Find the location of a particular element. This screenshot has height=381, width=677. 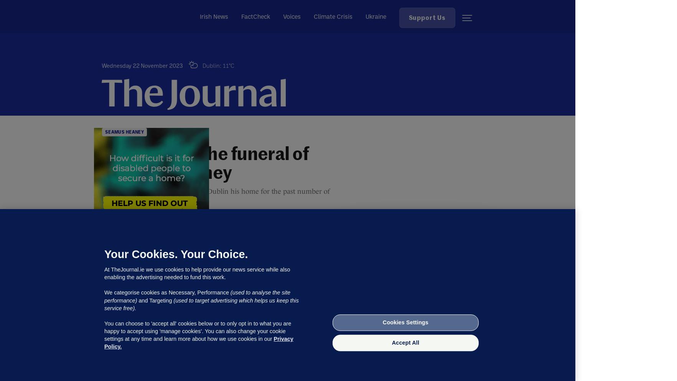

'12' is located at coordinates (145, 225).